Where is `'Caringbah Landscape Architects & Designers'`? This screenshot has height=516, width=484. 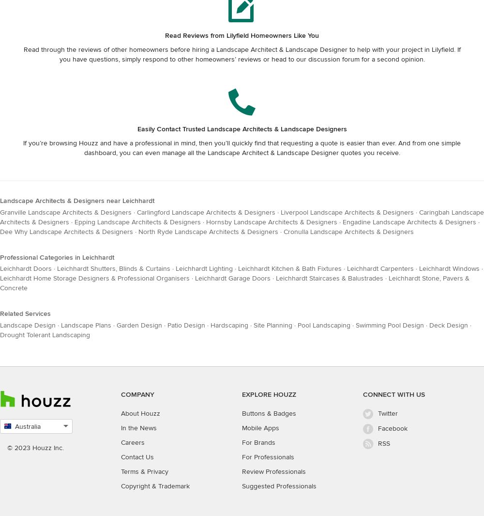 'Caringbah Landscape Architects & Designers' is located at coordinates (242, 216).